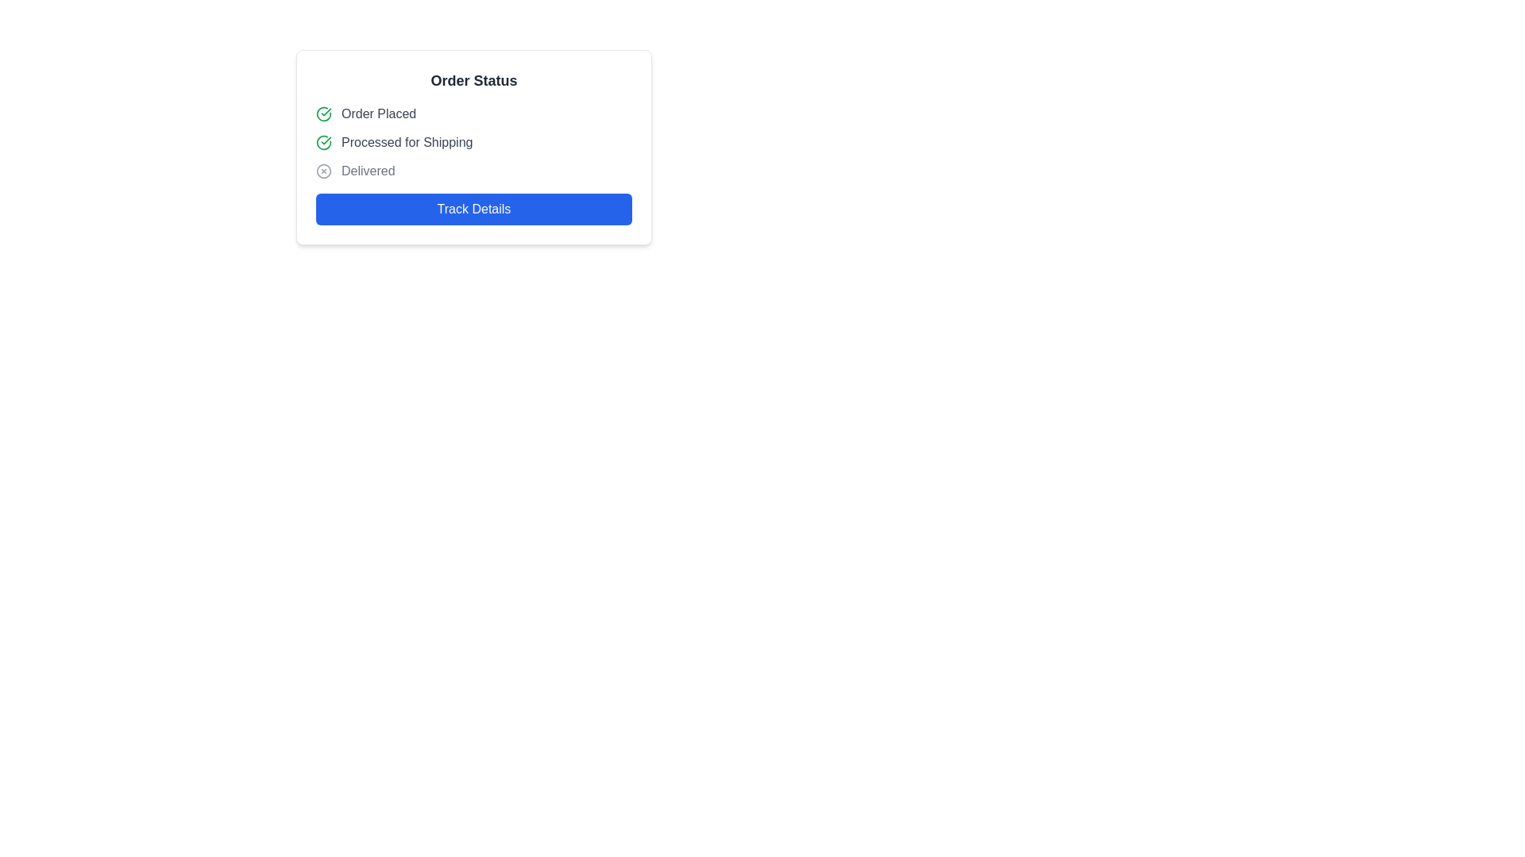 The height and width of the screenshot is (857, 1525). Describe the element at coordinates (473, 171) in the screenshot. I see `the Status indicator row displaying the text 'Delivered' with a gray circular icon` at that location.